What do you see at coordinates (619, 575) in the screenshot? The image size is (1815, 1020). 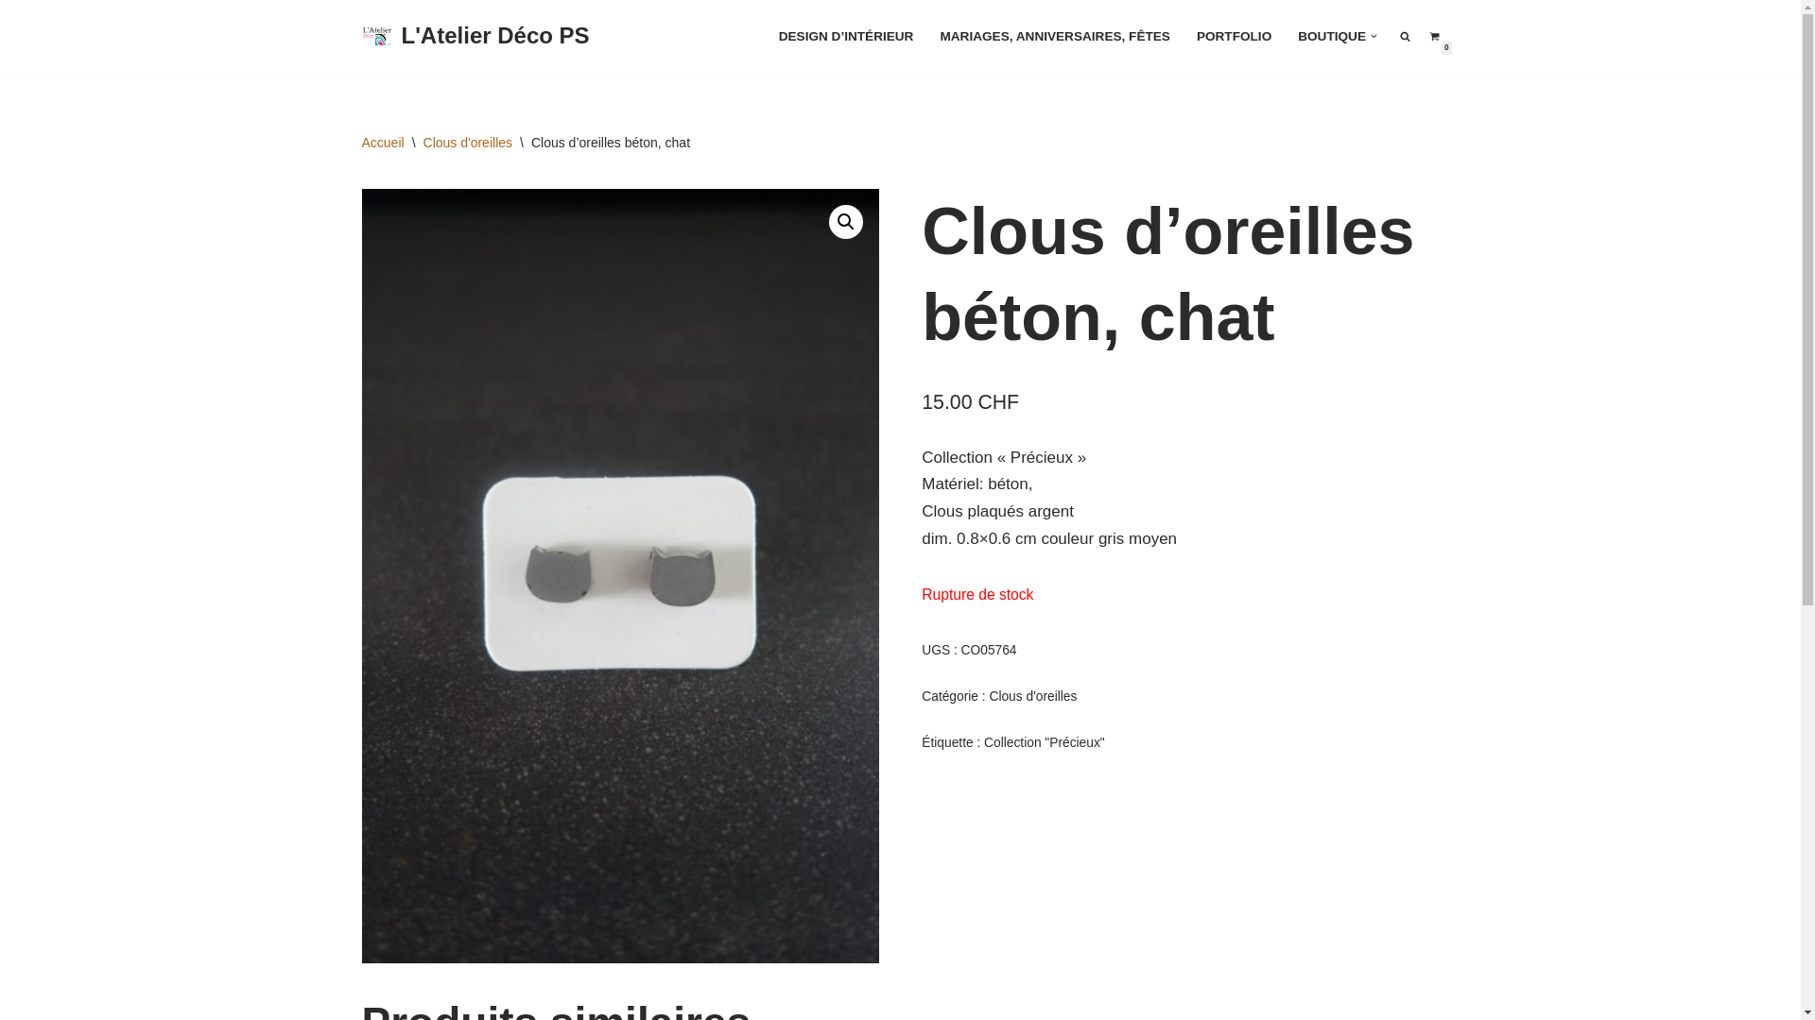 I see `'CO05764'` at bounding box center [619, 575].